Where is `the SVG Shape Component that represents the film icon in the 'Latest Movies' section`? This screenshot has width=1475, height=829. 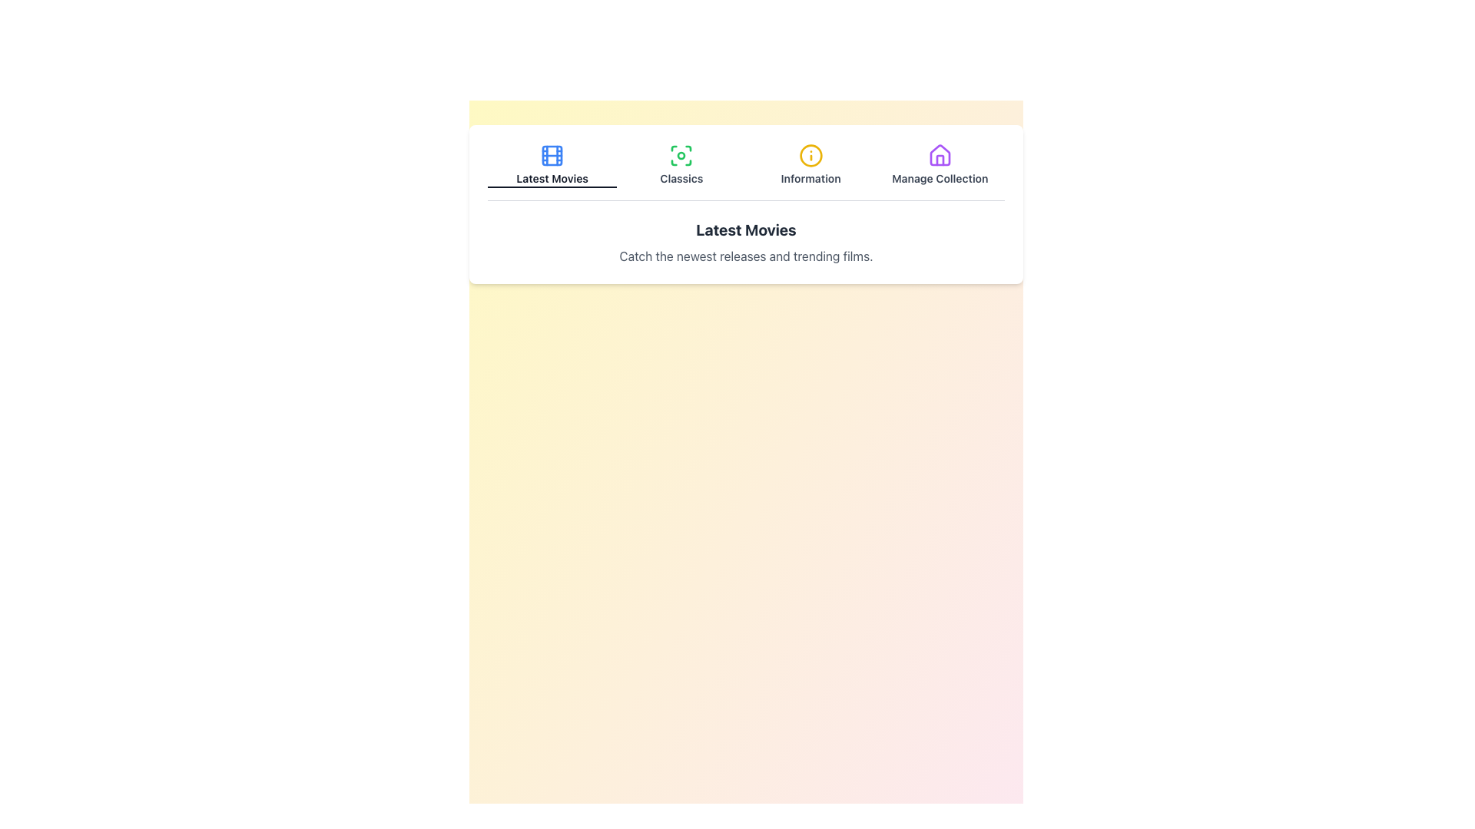
the SVG Shape Component that represents the film icon in the 'Latest Movies' section is located at coordinates (552, 156).